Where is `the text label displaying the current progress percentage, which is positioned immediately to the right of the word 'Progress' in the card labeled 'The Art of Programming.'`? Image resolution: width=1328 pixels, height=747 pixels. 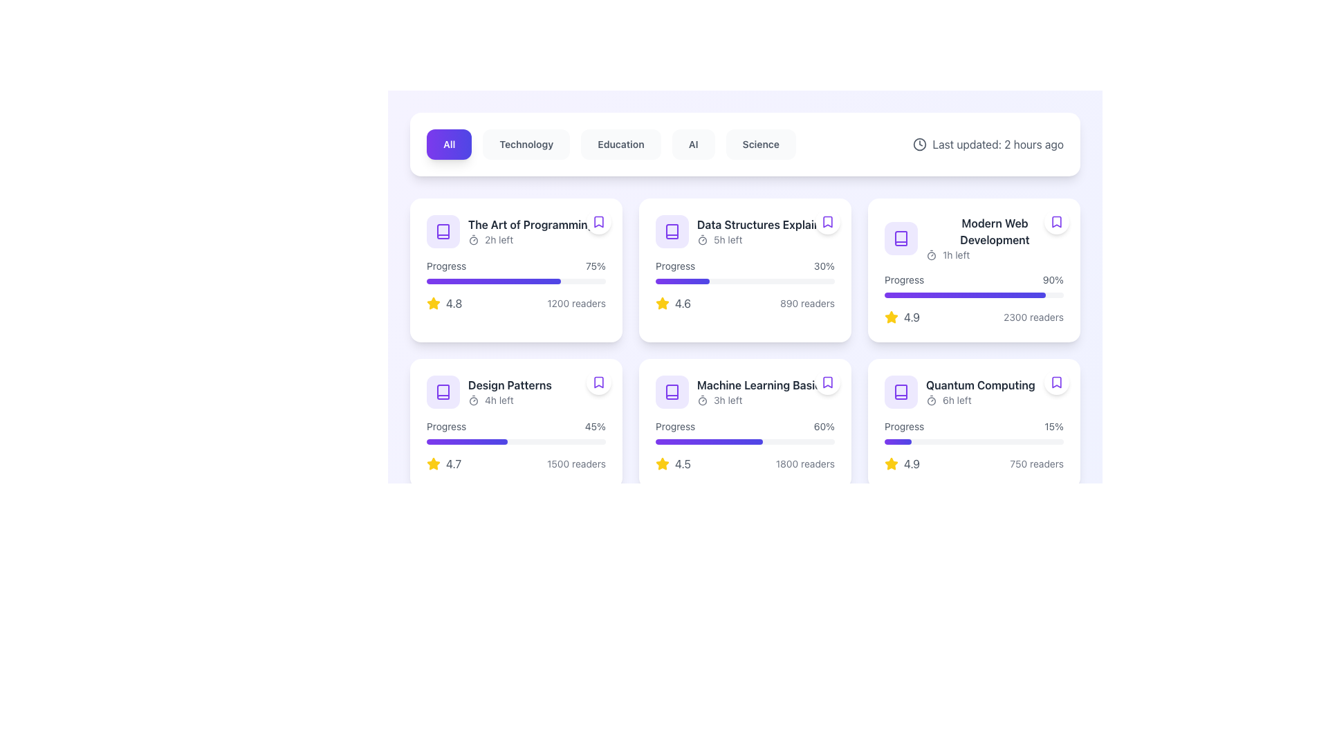 the text label displaying the current progress percentage, which is positioned immediately to the right of the word 'Progress' in the card labeled 'The Art of Programming.' is located at coordinates (596, 266).